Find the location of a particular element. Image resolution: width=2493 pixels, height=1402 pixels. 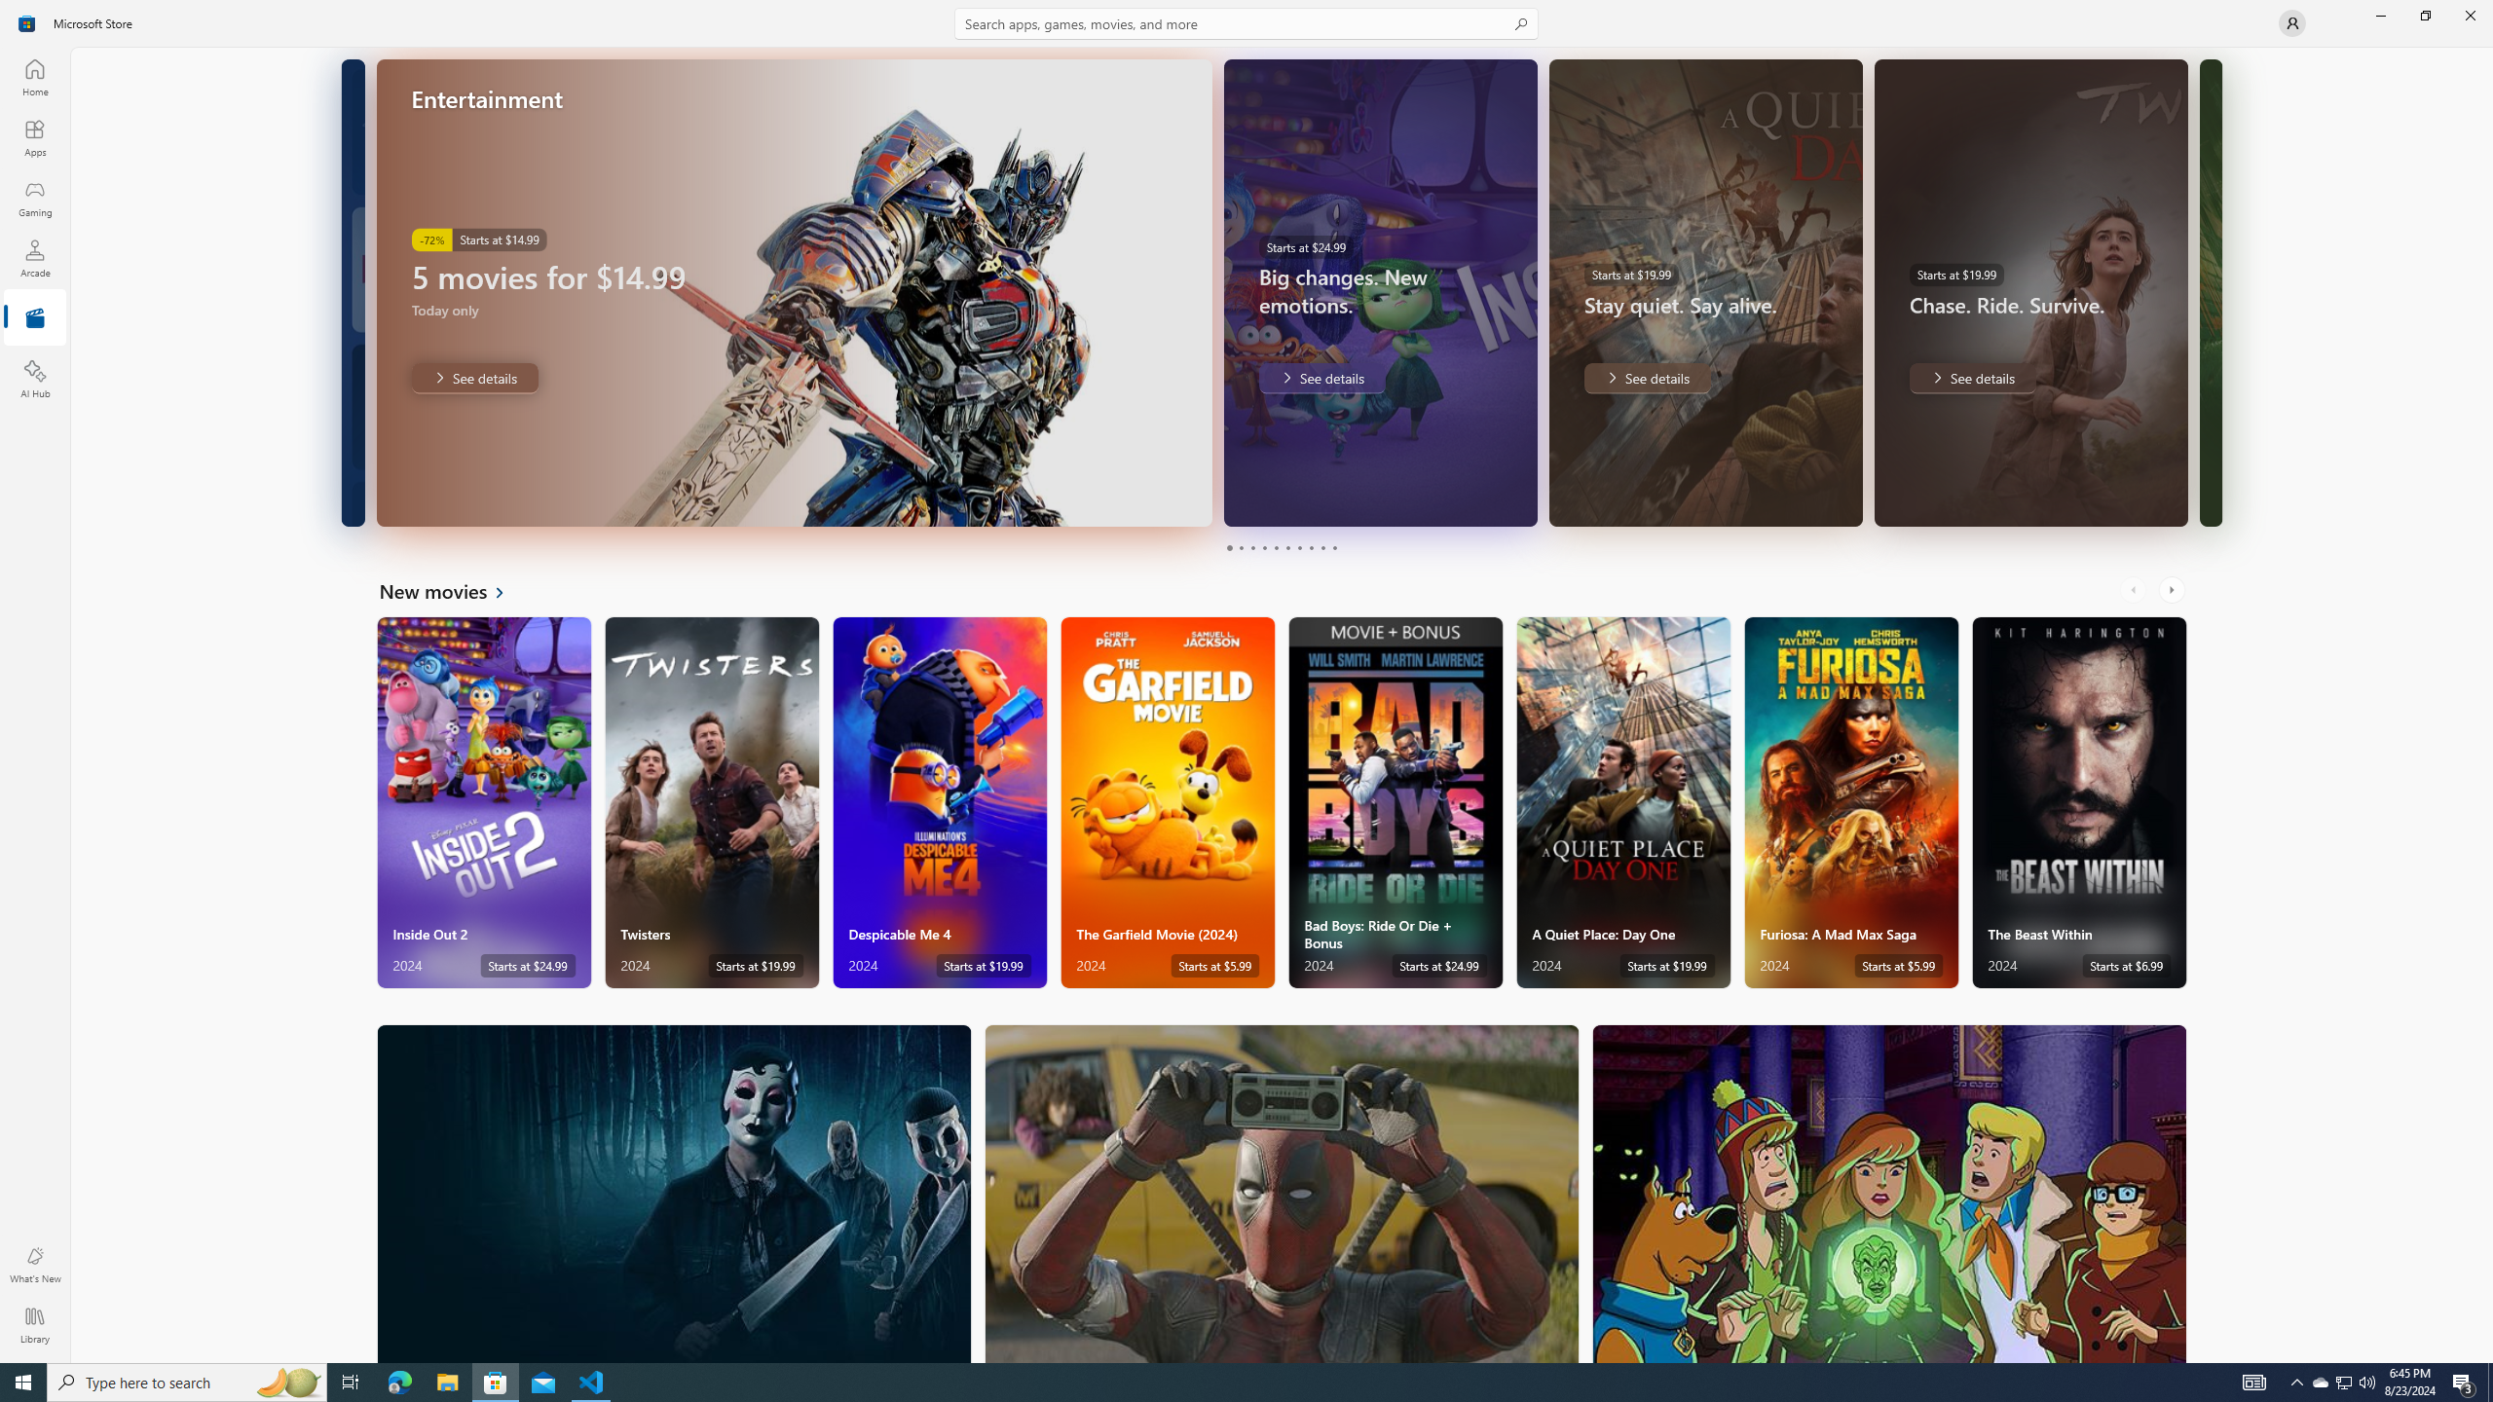

'The Garfield Movie (2024). Starts at $5.99  ' is located at coordinates (1167, 802).